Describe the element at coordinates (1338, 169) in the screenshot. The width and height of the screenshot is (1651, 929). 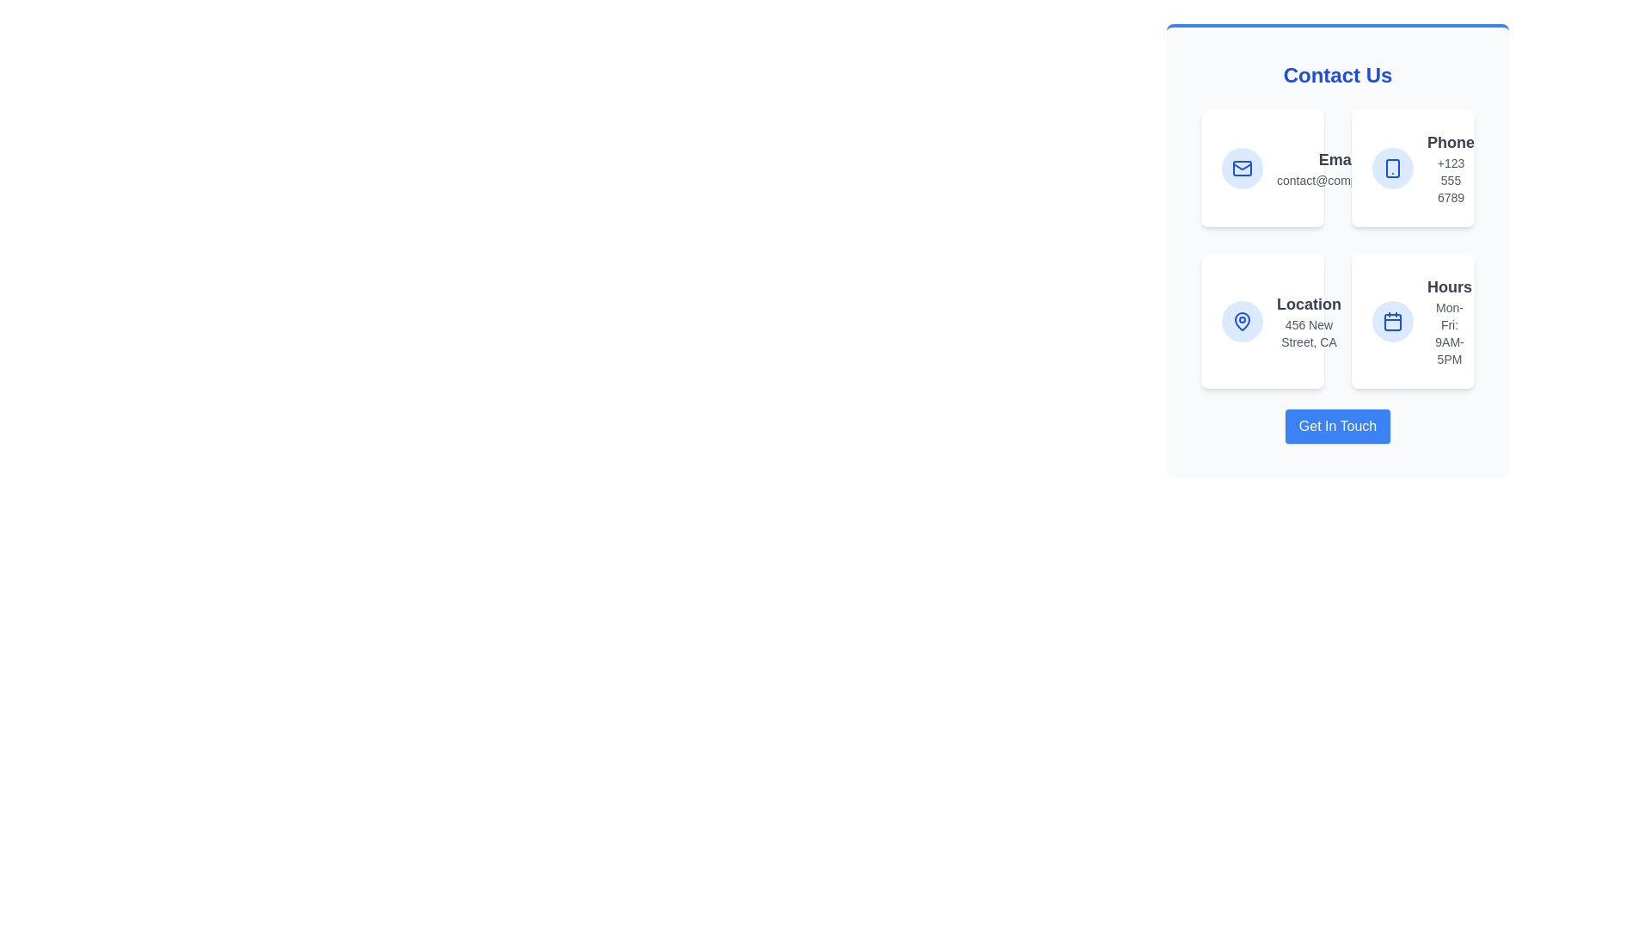
I see `text content of the email display element showing 'Email' and 'contact@company.com' located in the top-left card under 'Contact Us'` at that location.